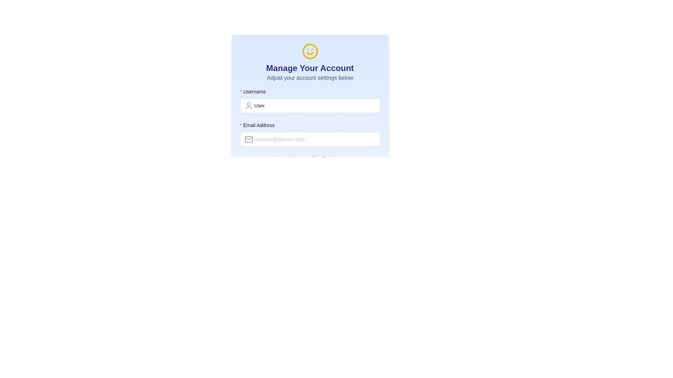  I want to click on the diagonal line element of the email icon, which is part of the SVG depicting an envelope and is styled with a gray stroke, located near the email address input field, so click(249, 139).